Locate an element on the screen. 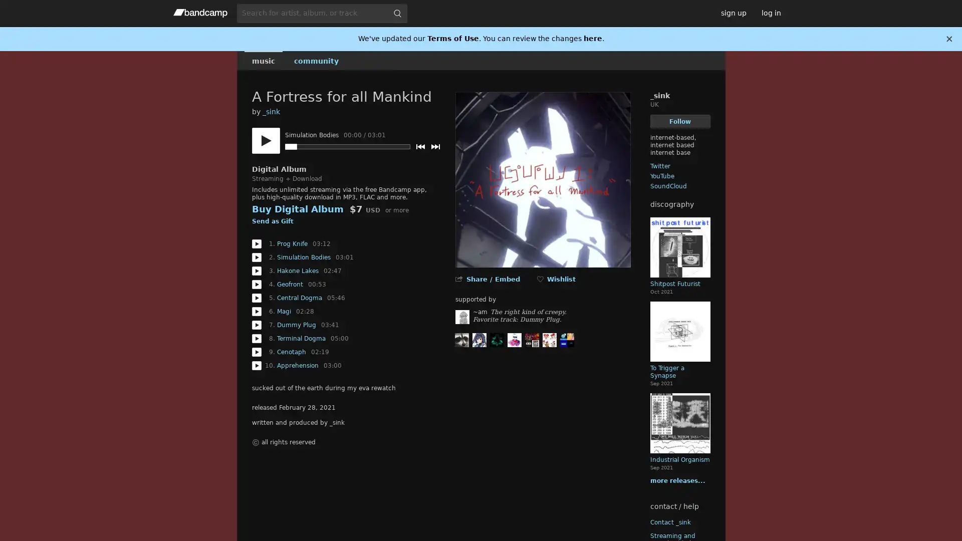 The image size is (962, 541). Play Magi is located at coordinates (256, 311).